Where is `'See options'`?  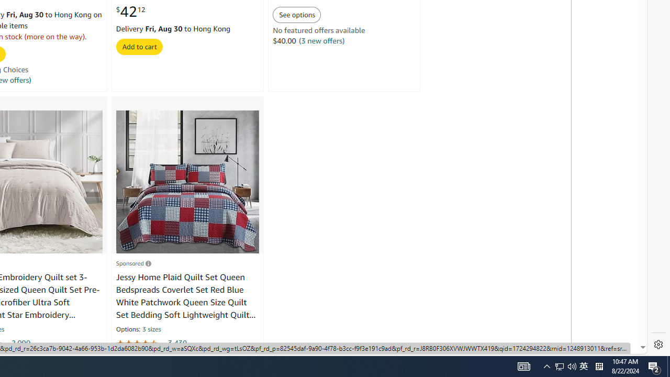
'See options' is located at coordinates (296, 15).